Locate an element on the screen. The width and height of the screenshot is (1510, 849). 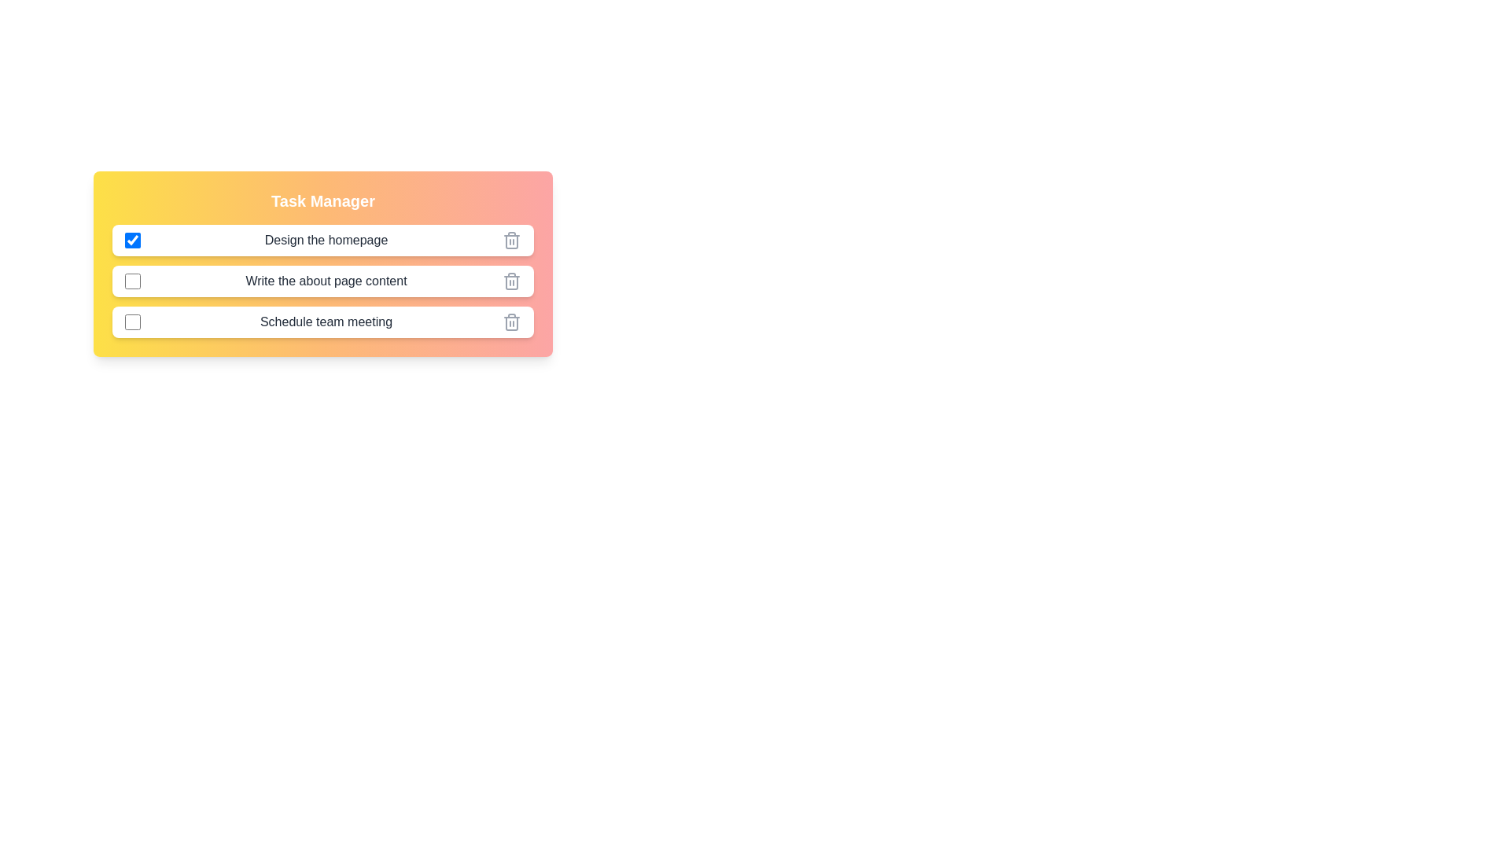
the delete icon for the task titled 'Schedule team meeting' is located at coordinates (512, 321).